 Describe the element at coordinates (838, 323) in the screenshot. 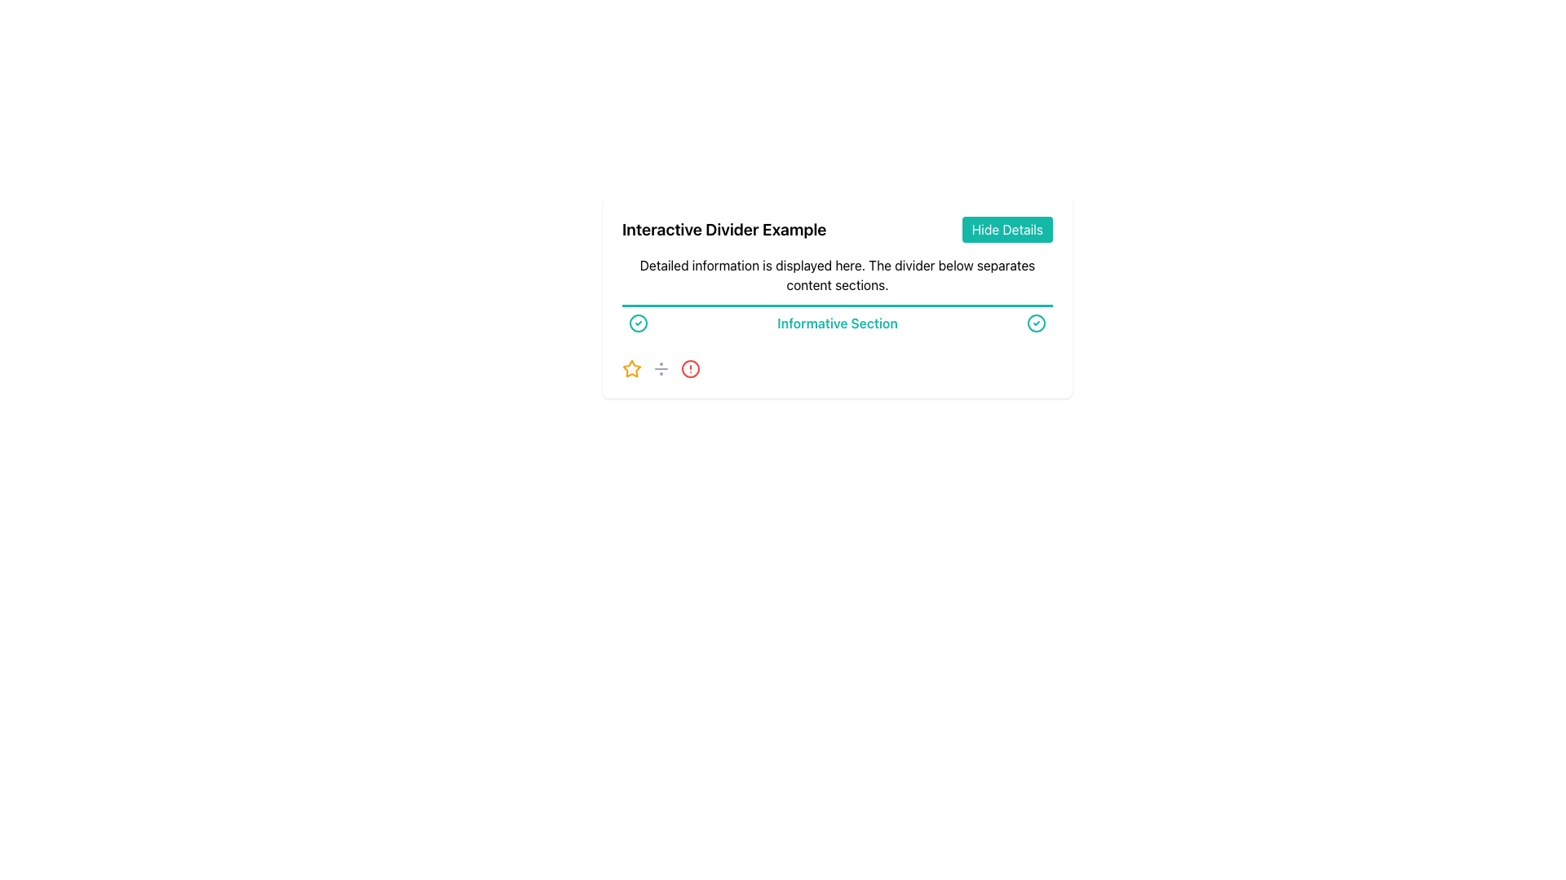

I see `the text label displaying 'Informative Section' in teal color, which is bold and horizontally centered between two teal checkmark icons` at that location.